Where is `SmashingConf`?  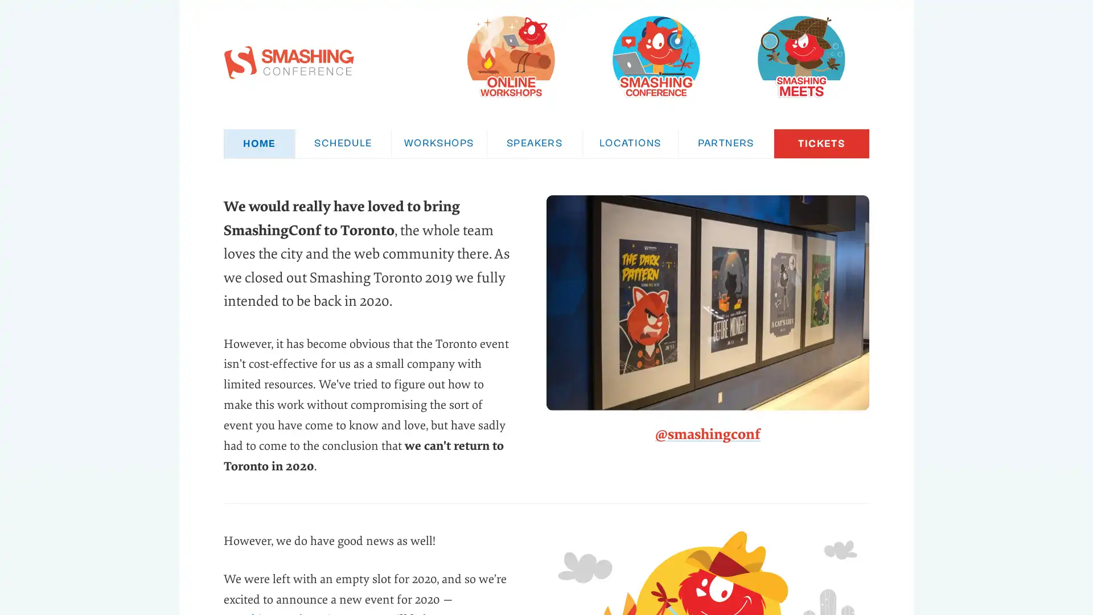
SmashingConf is located at coordinates (656, 58).